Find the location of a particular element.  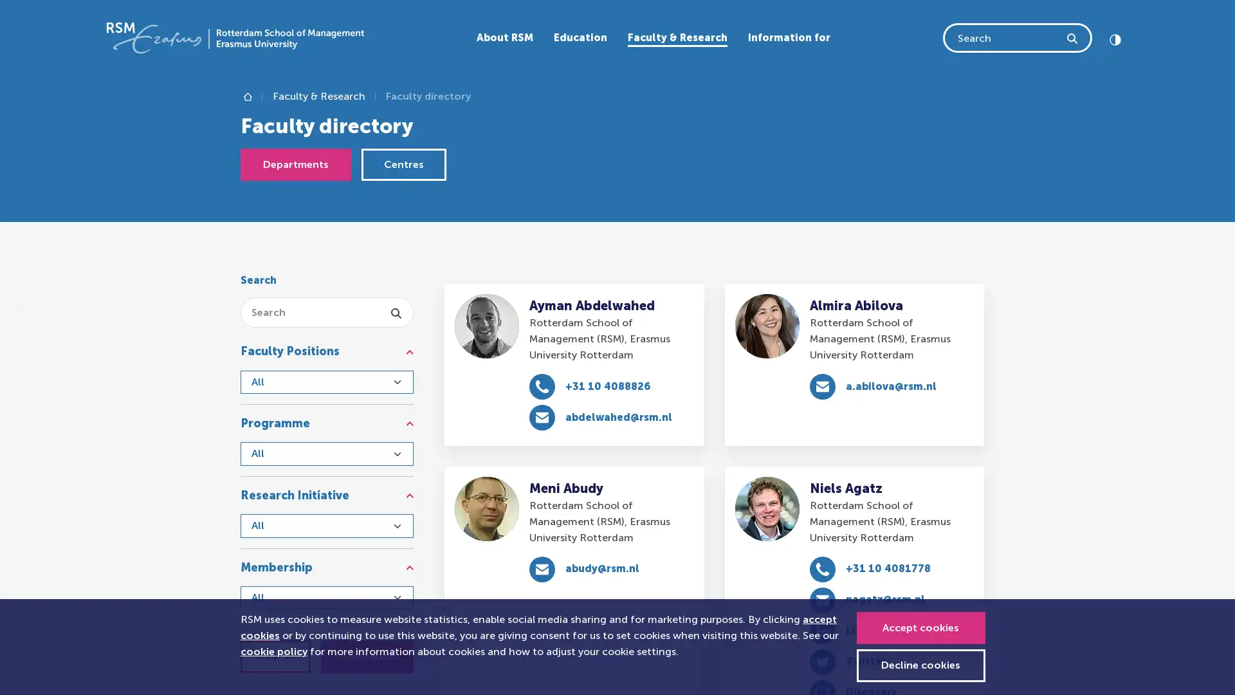

Faculty Positions is located at coordinates (327, 351).